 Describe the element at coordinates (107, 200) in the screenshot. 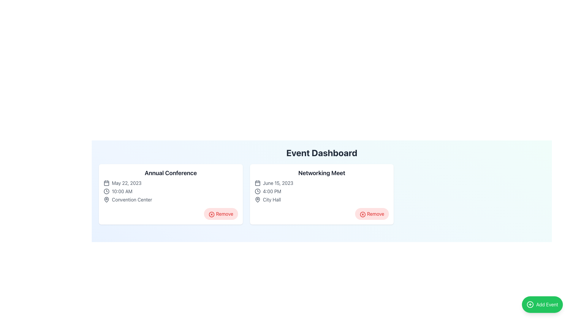

I see `the map pin icon located in the 'Convention Center' section of the 'Annual Conference' card on the event dashboard` at that location.